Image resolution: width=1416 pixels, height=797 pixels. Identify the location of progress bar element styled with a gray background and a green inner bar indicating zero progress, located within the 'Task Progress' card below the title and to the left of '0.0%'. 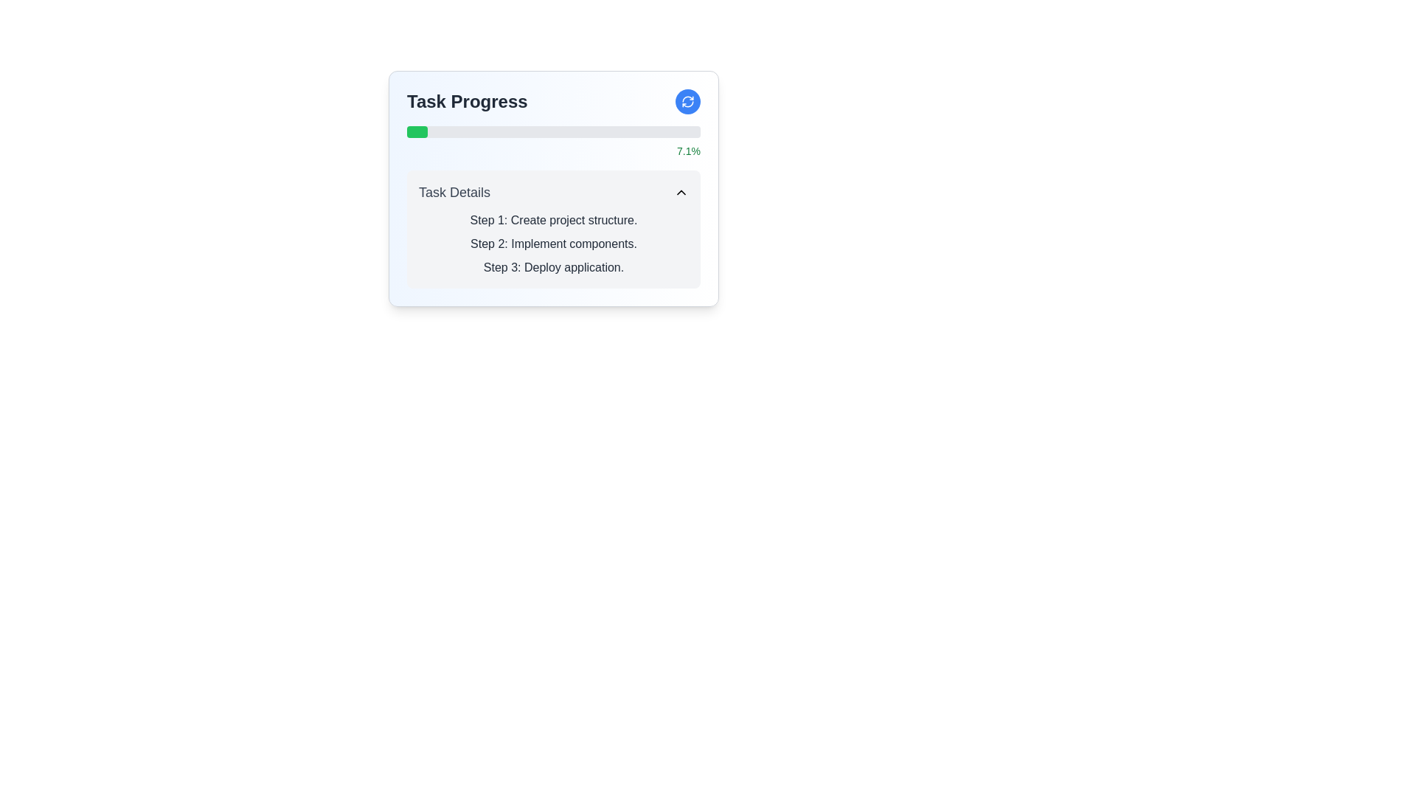
(552, 131).